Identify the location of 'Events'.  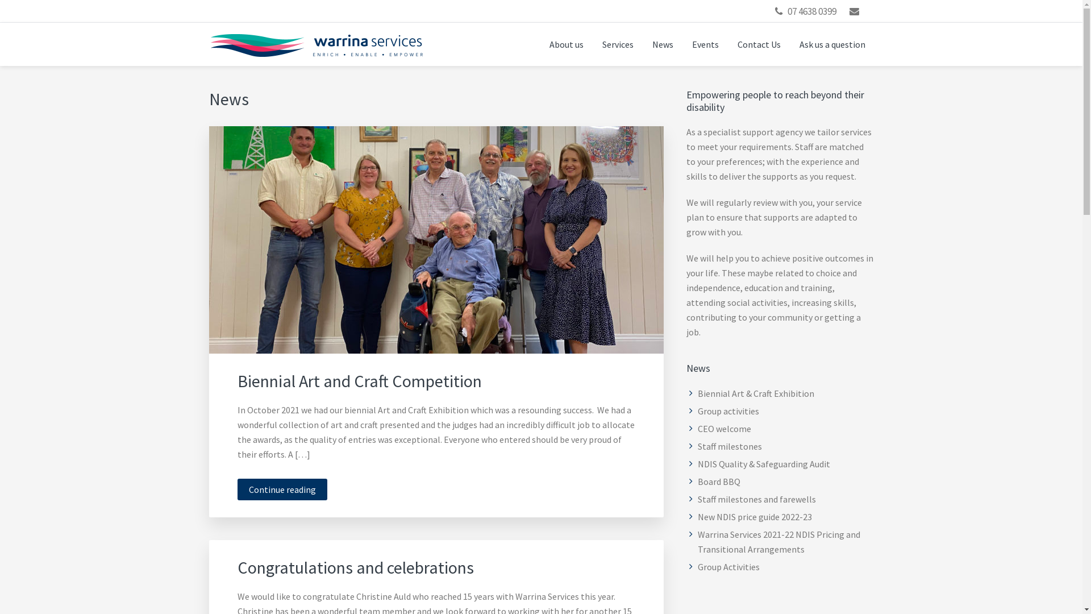
(704, 43).